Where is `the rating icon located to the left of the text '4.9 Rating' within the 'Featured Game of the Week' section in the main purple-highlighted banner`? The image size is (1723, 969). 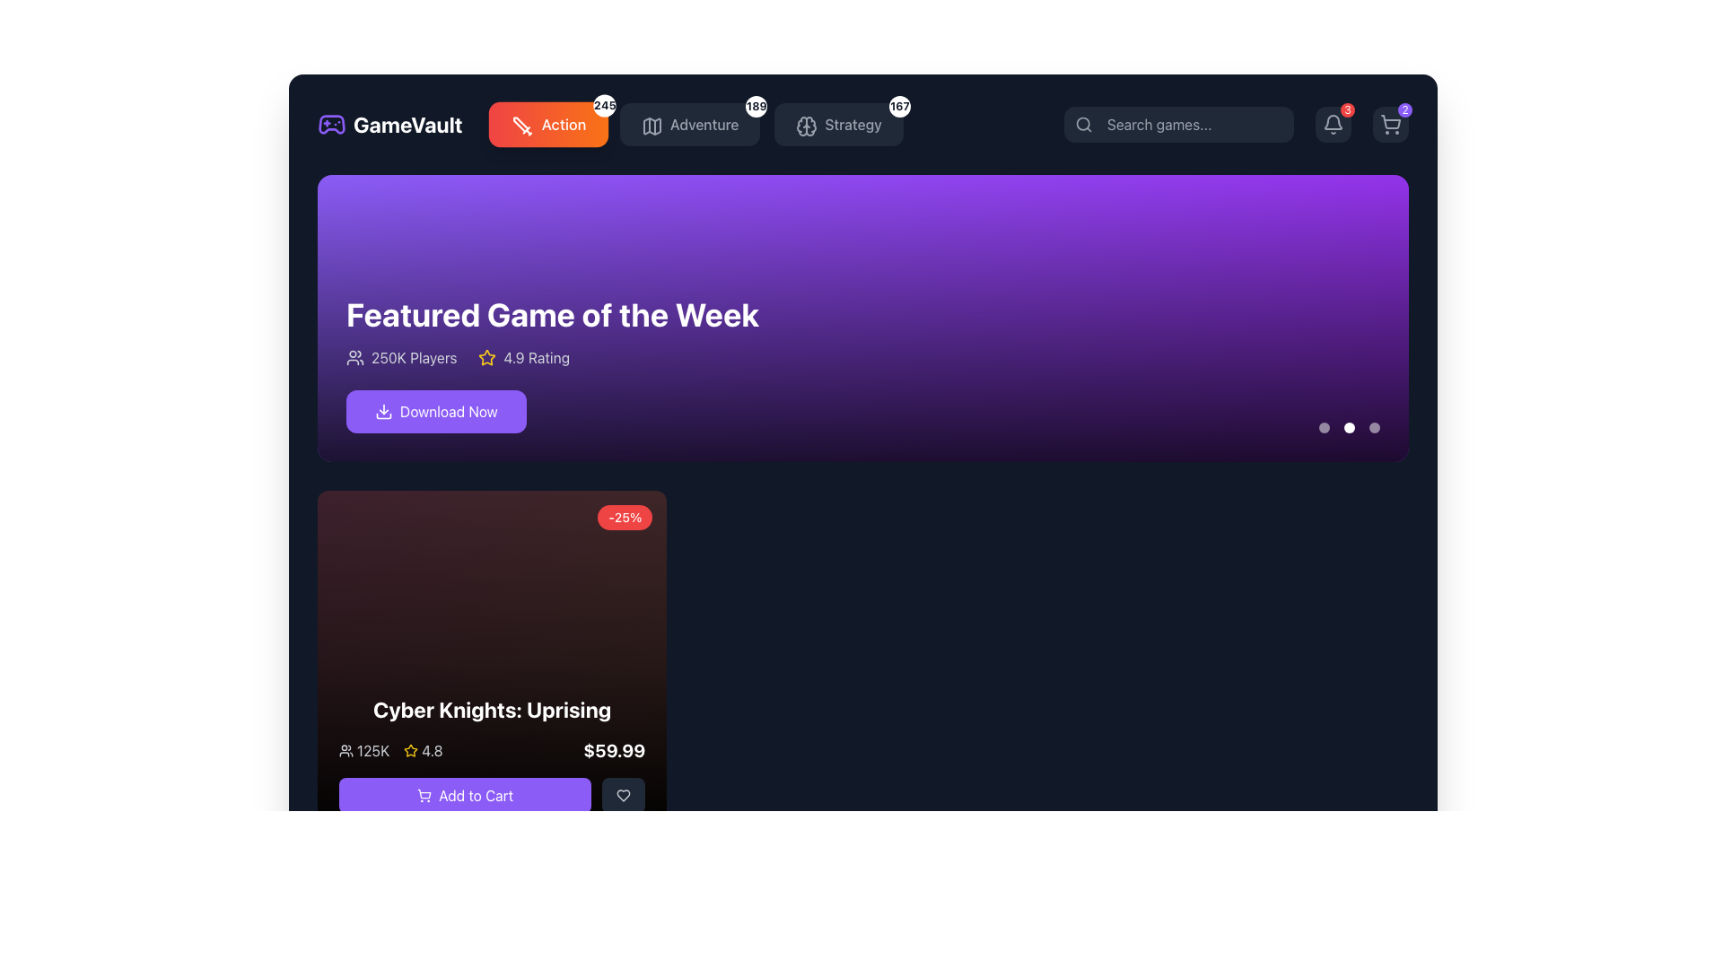 the rating icon located to the left of the text '4.9 Rating' within the 'Featured Game of the Week' section in the main purple-highlighted banner is located at coordinates (487, 357).